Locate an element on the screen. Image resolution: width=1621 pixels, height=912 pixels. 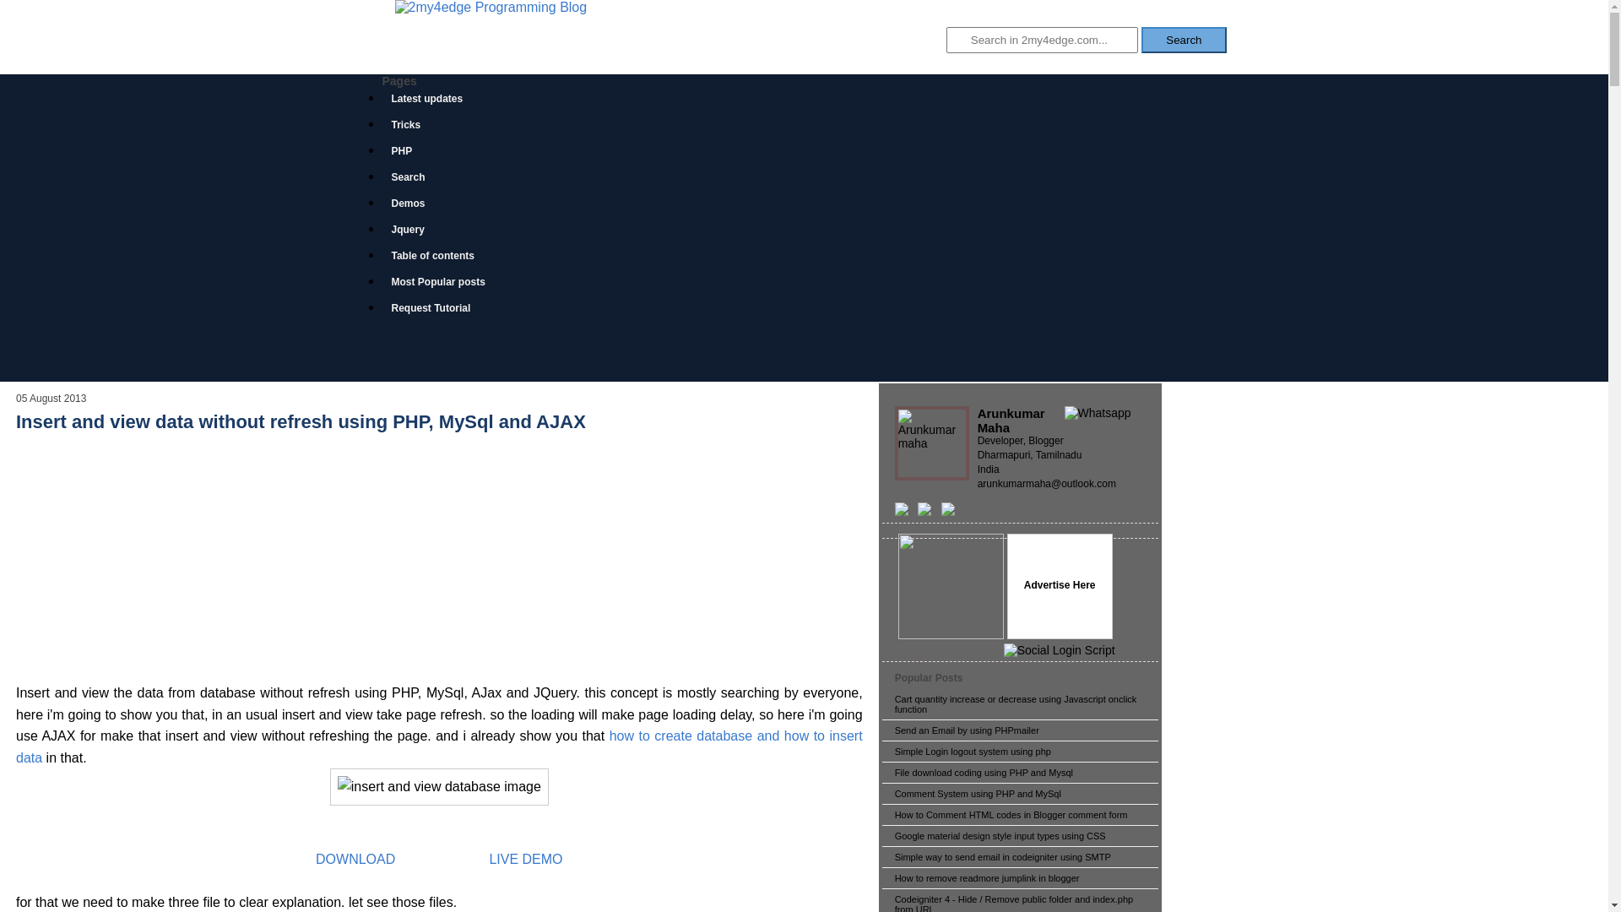
'LIVE DEMO' is located at coordinates (523, 859).